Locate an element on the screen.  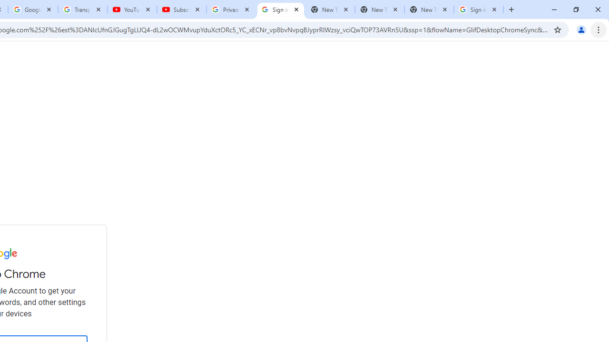
'New Tab' is located at coordinates (428, 9).